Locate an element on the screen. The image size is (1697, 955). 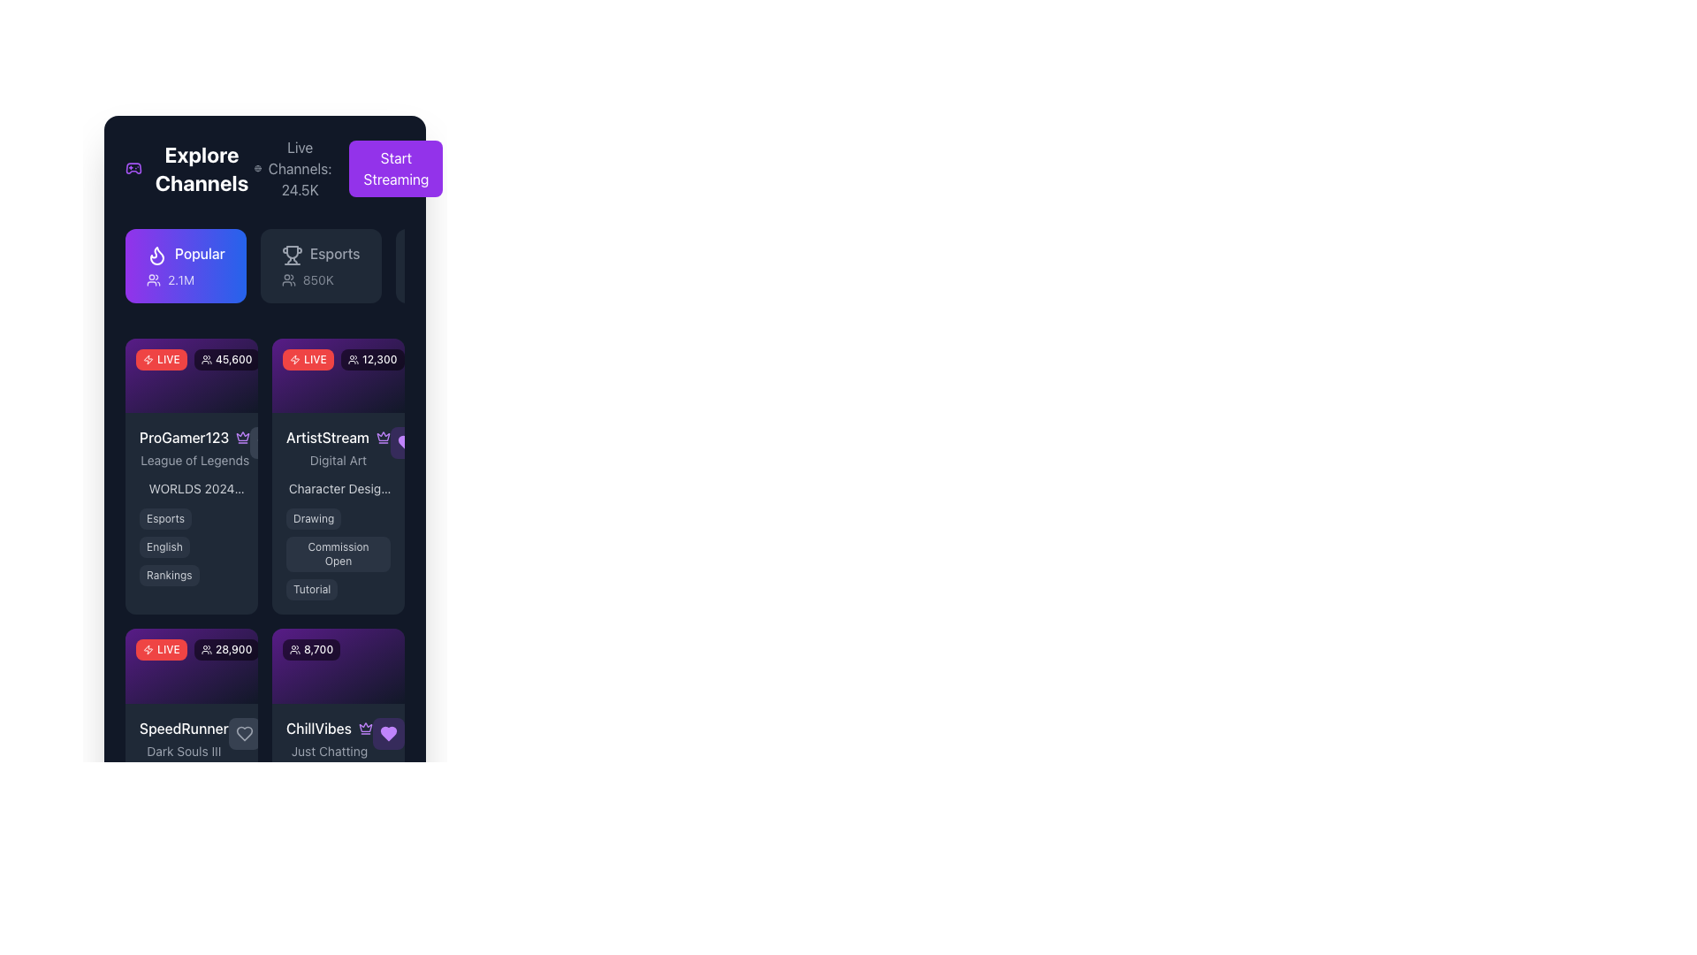
the 'English' label is located at coordinates (191, 546).